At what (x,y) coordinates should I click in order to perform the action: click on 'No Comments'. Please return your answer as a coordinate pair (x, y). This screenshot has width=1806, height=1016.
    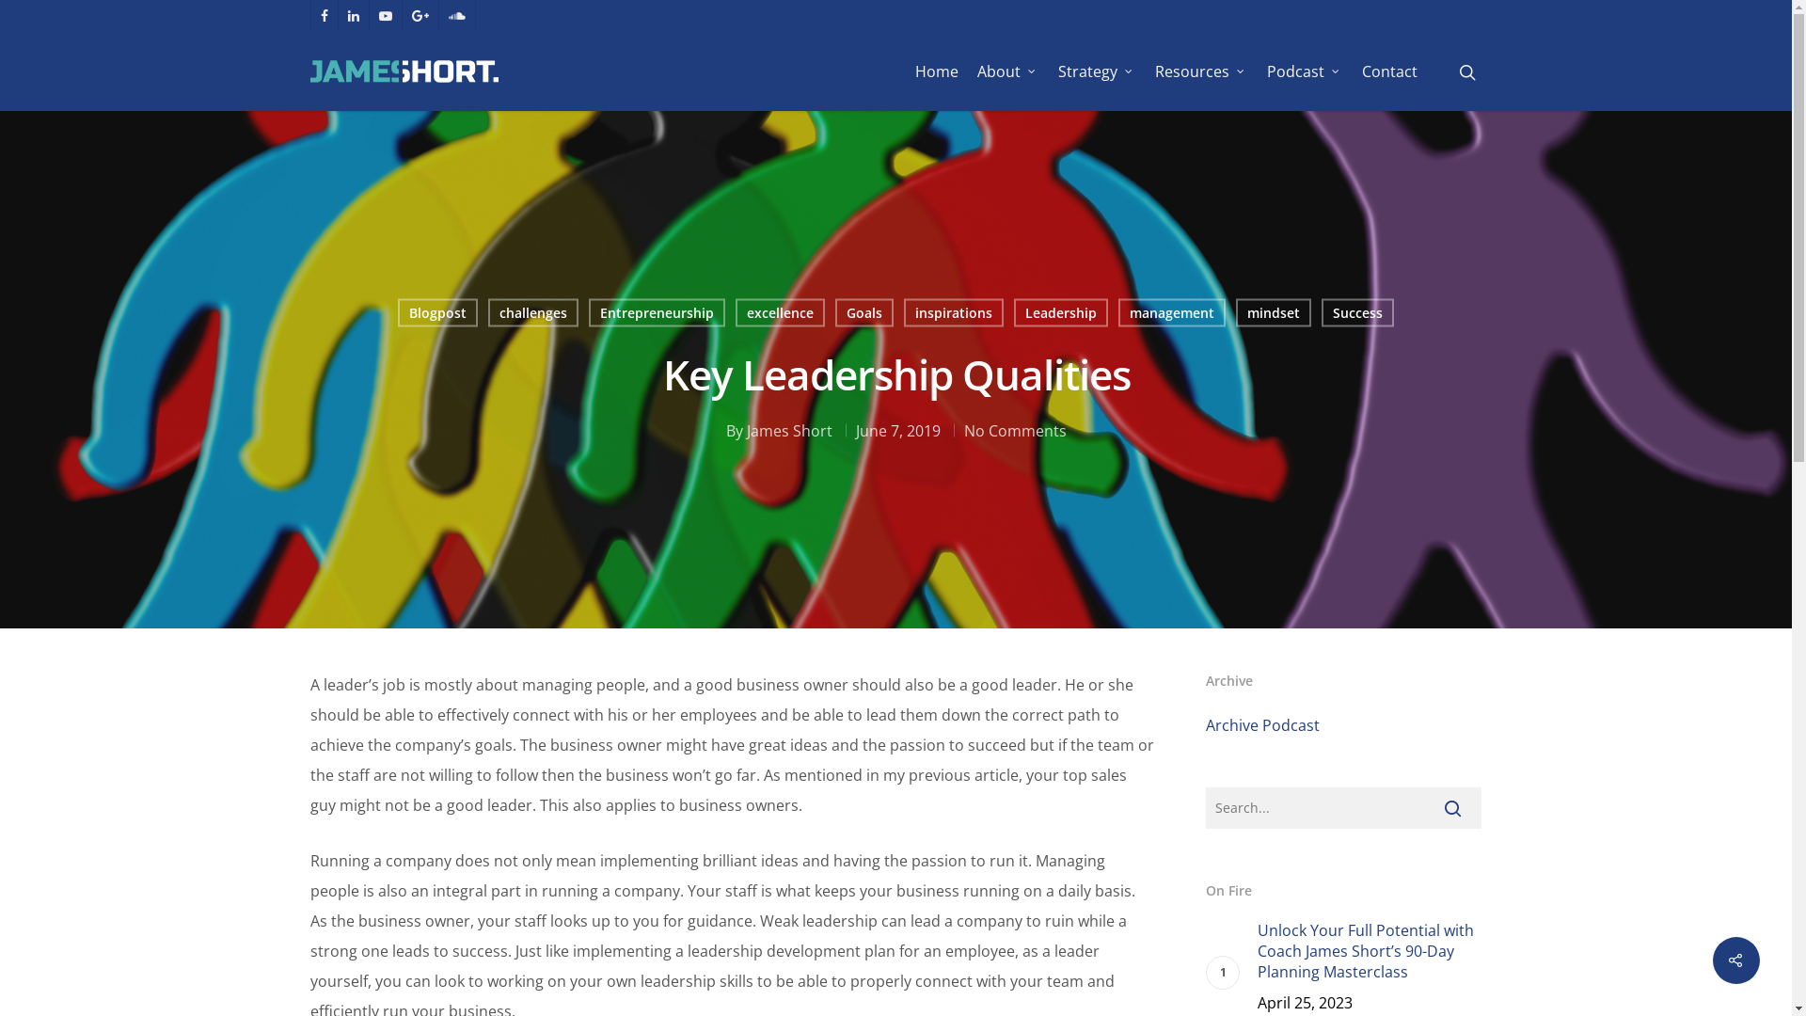
    Looking at the image, I should click on (1013, 429).